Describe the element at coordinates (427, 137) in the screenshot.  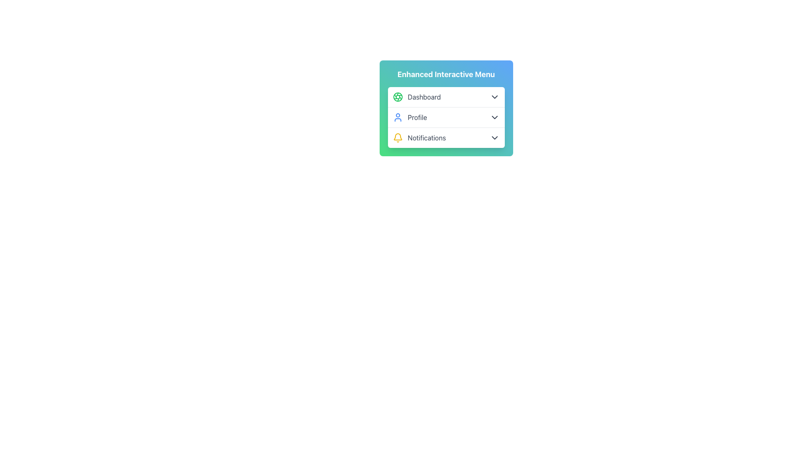
I see `text of the 'Notifications' label, which is the third entry in the 'Enhanced Interactive Menu' list` at that location.